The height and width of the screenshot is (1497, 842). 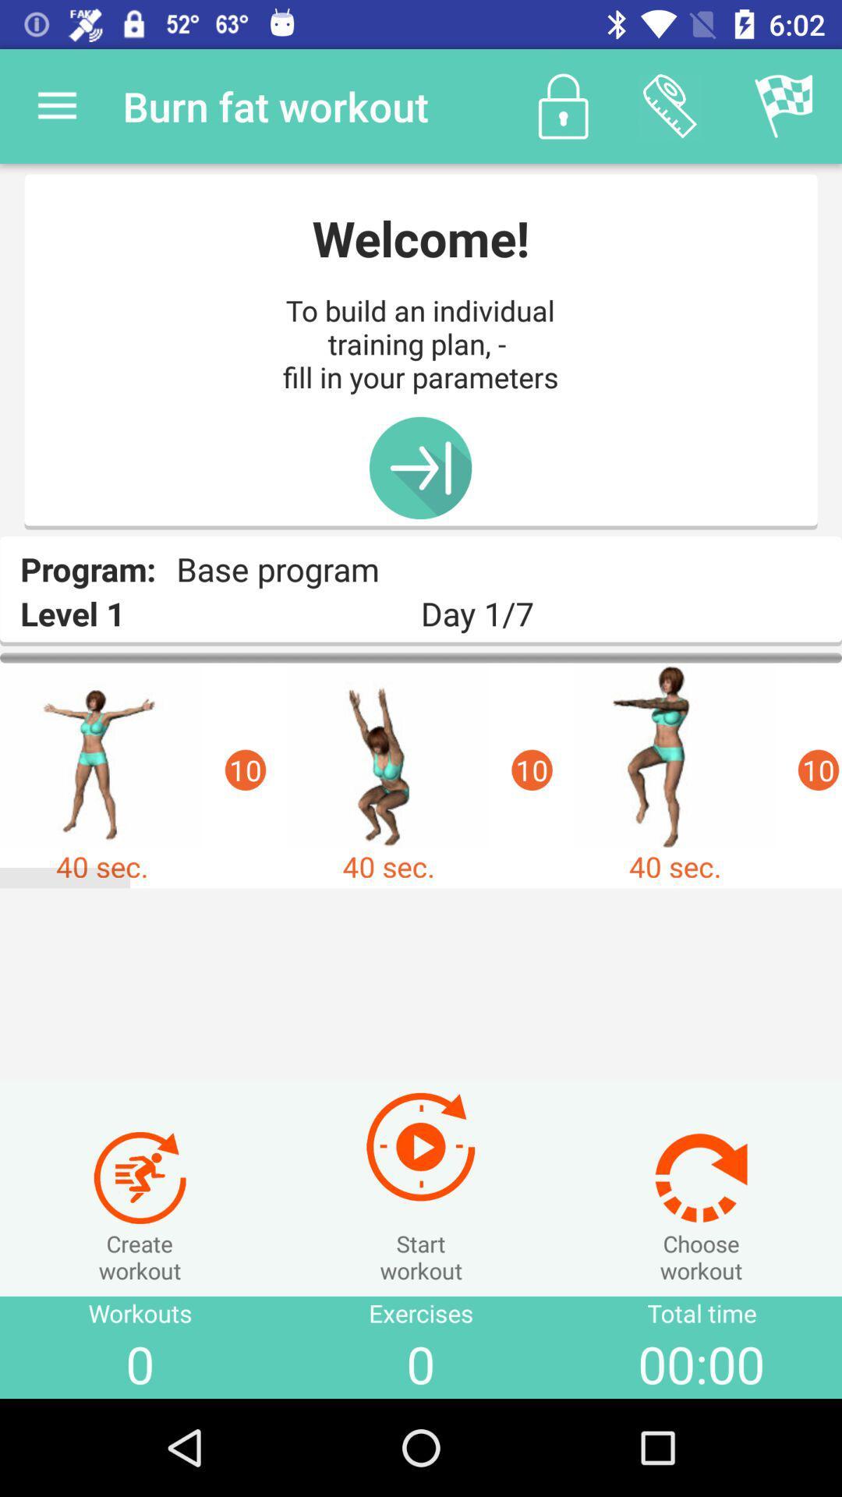 What do you see at coordinates (784, 105) in the screenshot?
I see `item above the day 1/7` at bounding box center [784, 105].